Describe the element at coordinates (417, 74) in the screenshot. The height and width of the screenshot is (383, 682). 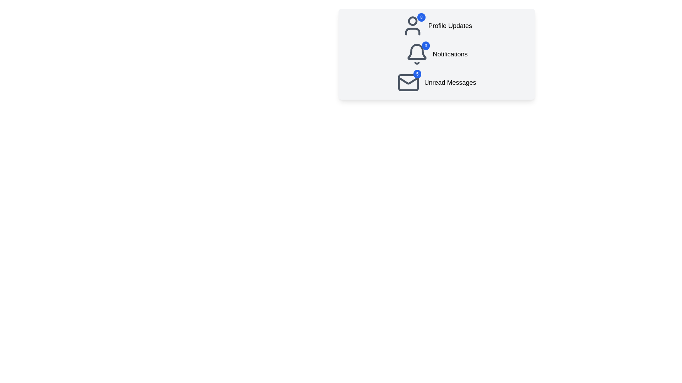
I see `the Notification Badge, which is a small circular badge with a blue background and white text displaying the number '5', located at the top-right corner of an envelope icon` at that location.